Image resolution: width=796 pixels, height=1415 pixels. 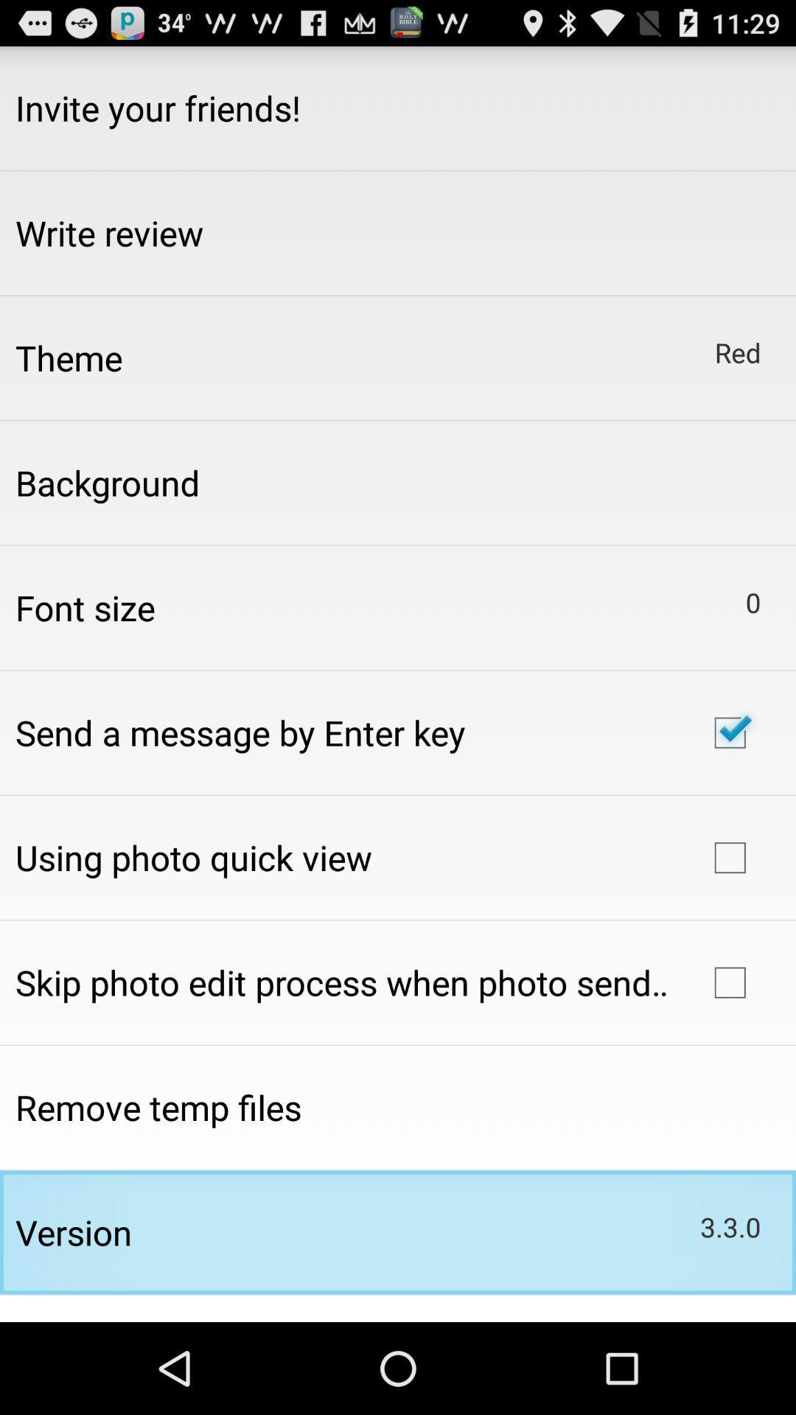 What do you see at coordinates (240, 733) in the screenshot?
I see `app below the font size item` at bounding box center [240, 733].